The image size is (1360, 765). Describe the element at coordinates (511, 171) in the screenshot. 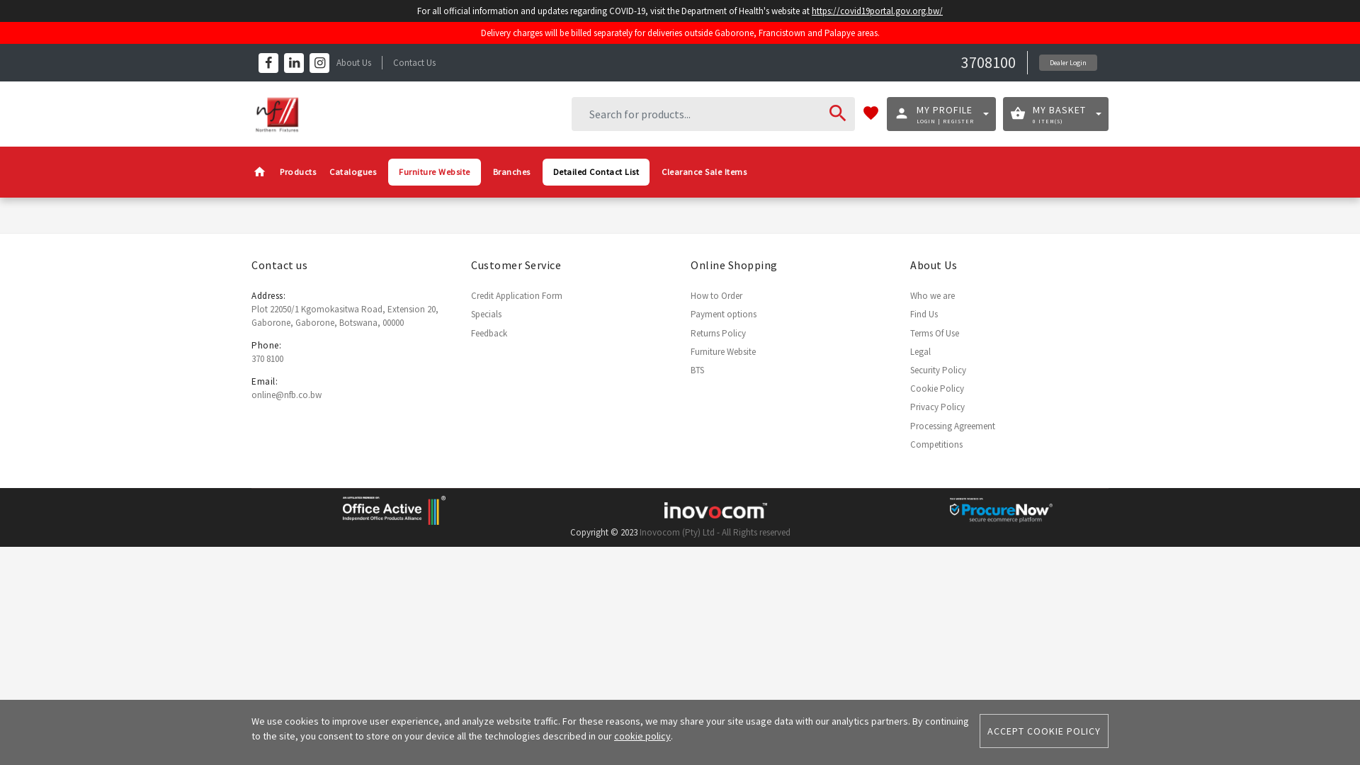

I see `'Branches'` at that location.